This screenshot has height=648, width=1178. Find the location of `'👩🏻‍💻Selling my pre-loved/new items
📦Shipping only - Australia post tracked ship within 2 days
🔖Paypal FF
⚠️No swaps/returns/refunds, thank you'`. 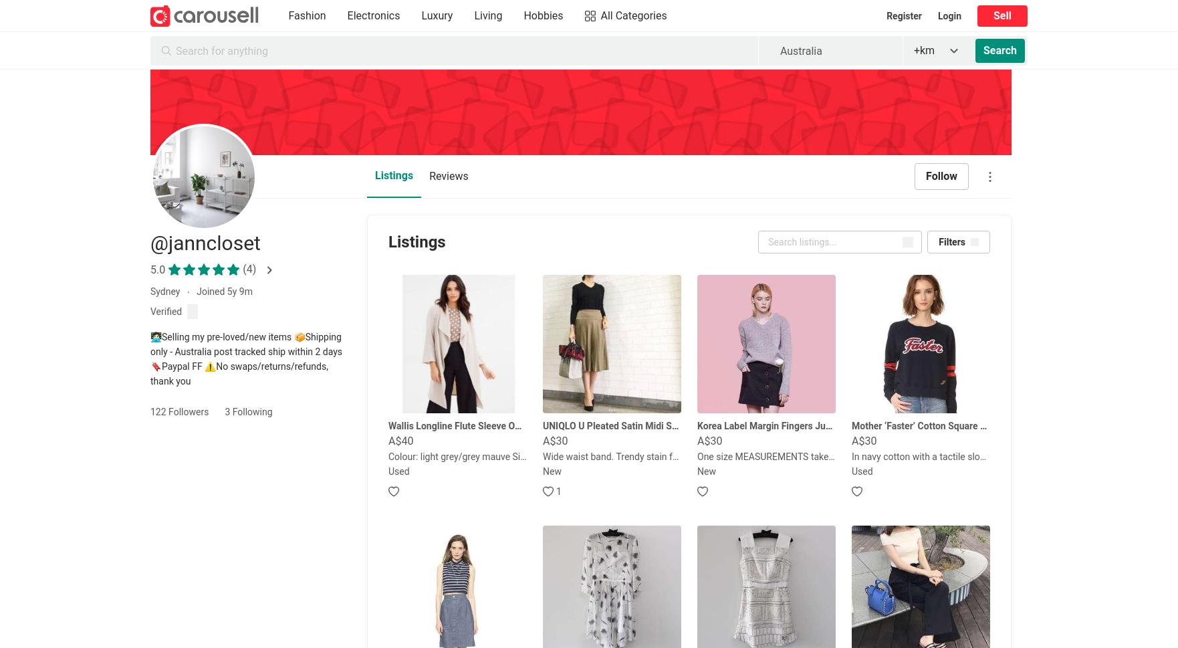

'👩🏻‍💻Selling my pre-loved/new items
📦Shipping only - Australia post tracked ship within 2 days
🔖Paypal FF
⚠️No swaps/returns/refunds, thank you' is located at coordinates (246, 359).